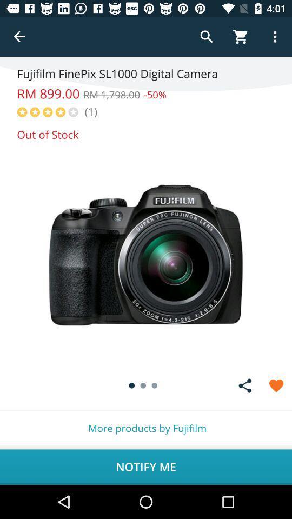  What do you see at coordinates (19, 37) in the screenshot?
I see `go back` at bounding box center [19, 37].